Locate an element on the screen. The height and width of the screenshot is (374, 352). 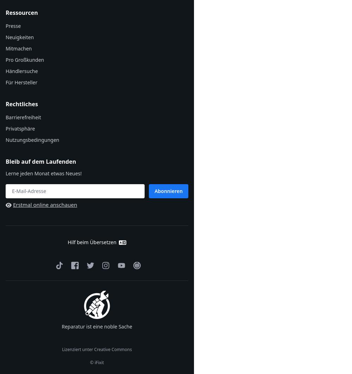
'Reparatur ist eine noble Sache' is located at coordinates (61, 326).